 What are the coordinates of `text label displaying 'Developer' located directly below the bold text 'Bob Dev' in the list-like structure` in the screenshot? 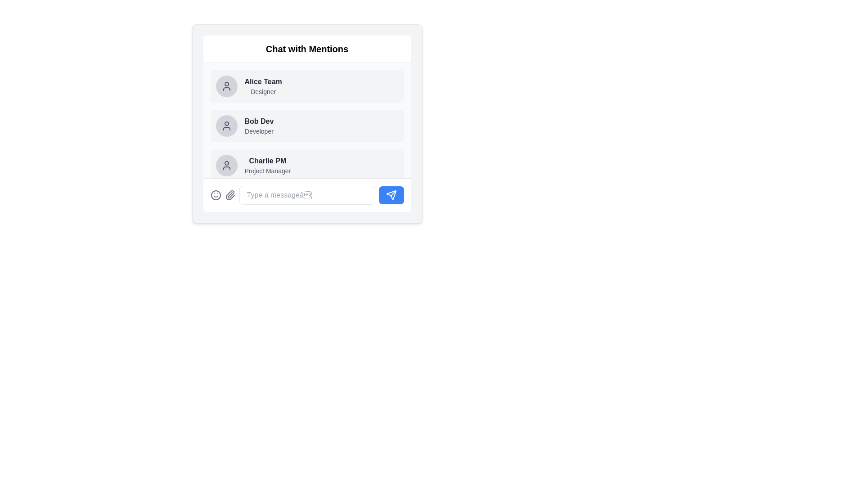 It's located at (259, 131).